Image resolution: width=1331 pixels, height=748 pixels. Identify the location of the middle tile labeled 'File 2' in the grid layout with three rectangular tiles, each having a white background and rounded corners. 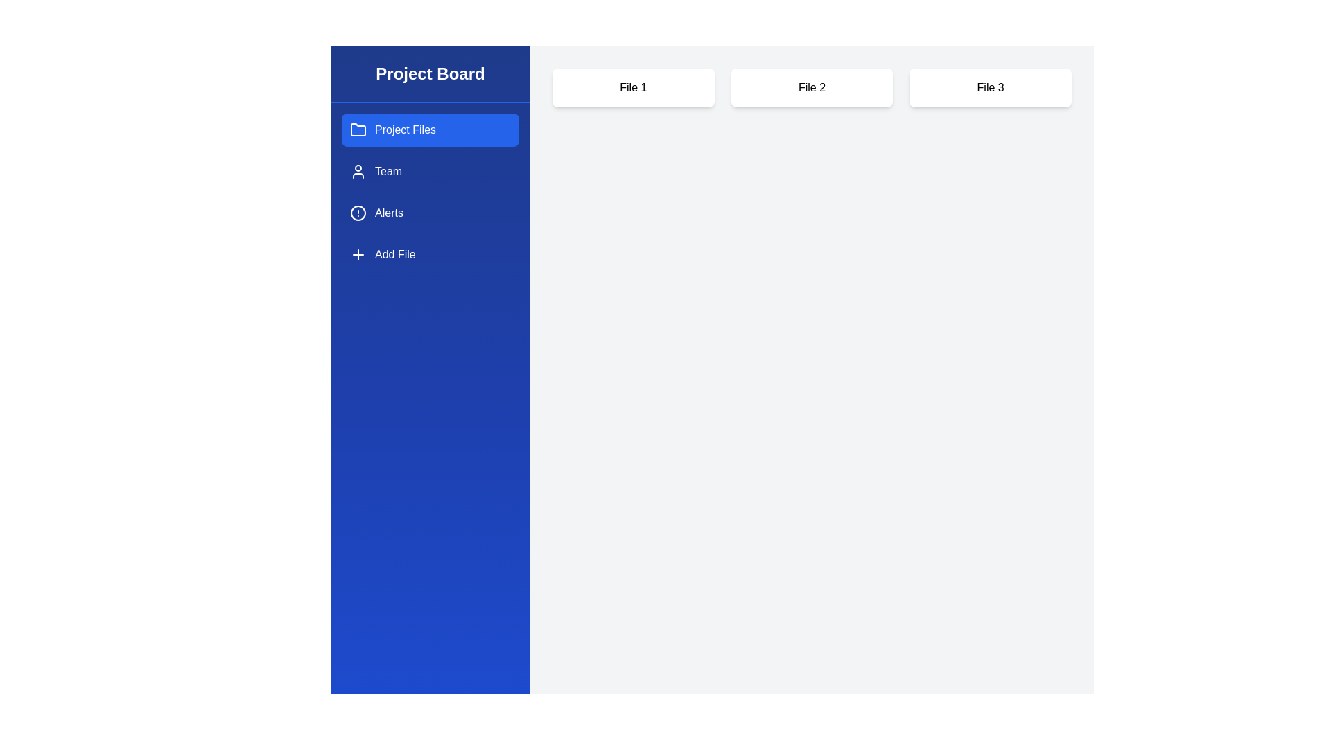
(812, 88).